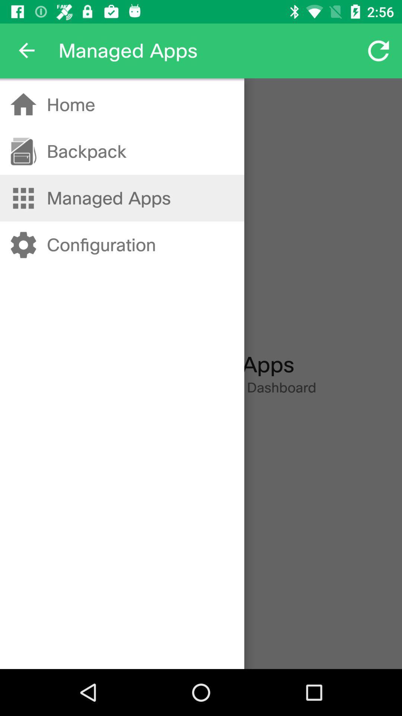  Describe the element at coordinates (71, 104) in the screenshot. I see `the icon above the backpack` at that location.